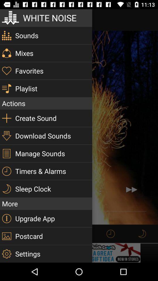  Describe the element at coordinates (6, 171) in the screenshot. I see `icon left to timers  alarms` at that location.